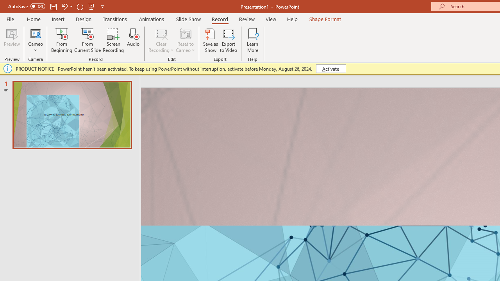 This screenshot has width=500, height=281. Describe the element at coordinates (113, 40) in the screenshot. I see `'Screen Recording'` at that location.